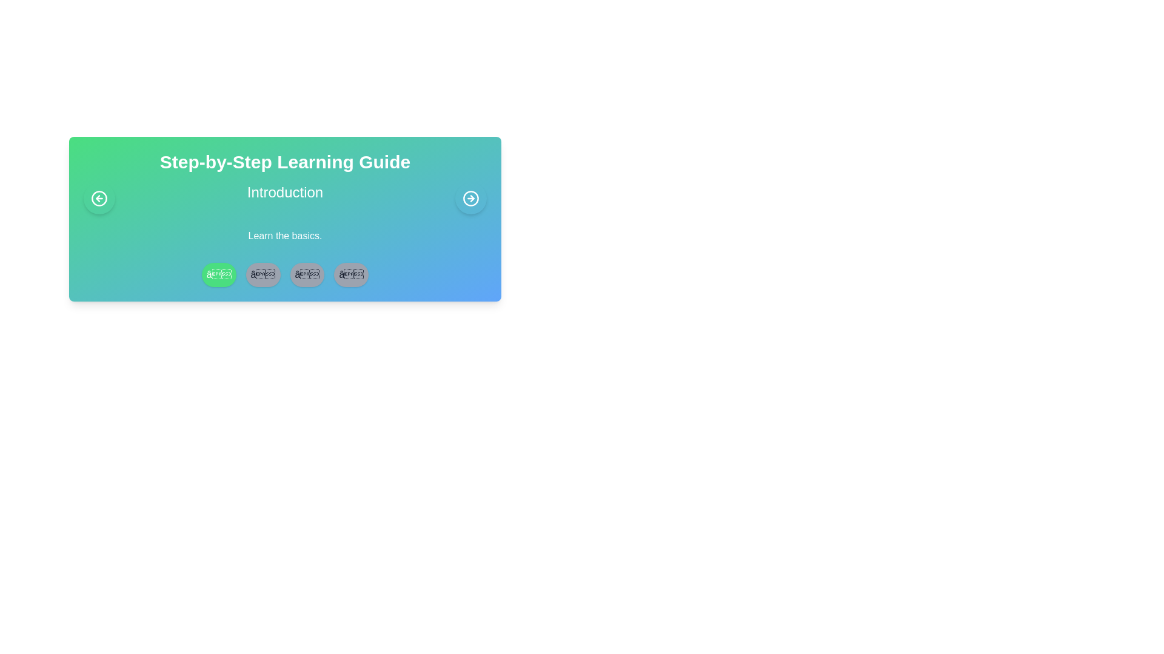 The height and width of the screenshot is (654, 1164). Describe the element at coordinates (284, 275) in the screenshot. I see `the green circle of the Step progress indicator` at that location.